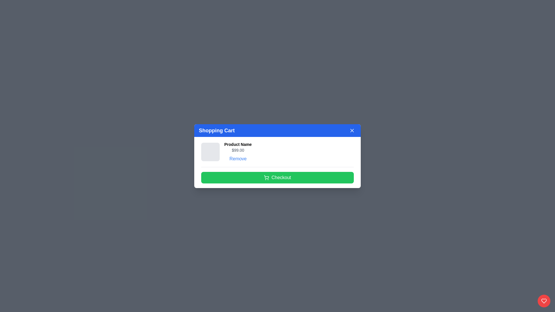 The width and height of the screenshot is (555, 312). What do you see at coordinates (266, 177) in the screenshot?
I see `the shopping cart icon's body element, which is part of a larger graphic and positioned above and to the left of the wheels` at bounding box center [266, 177].